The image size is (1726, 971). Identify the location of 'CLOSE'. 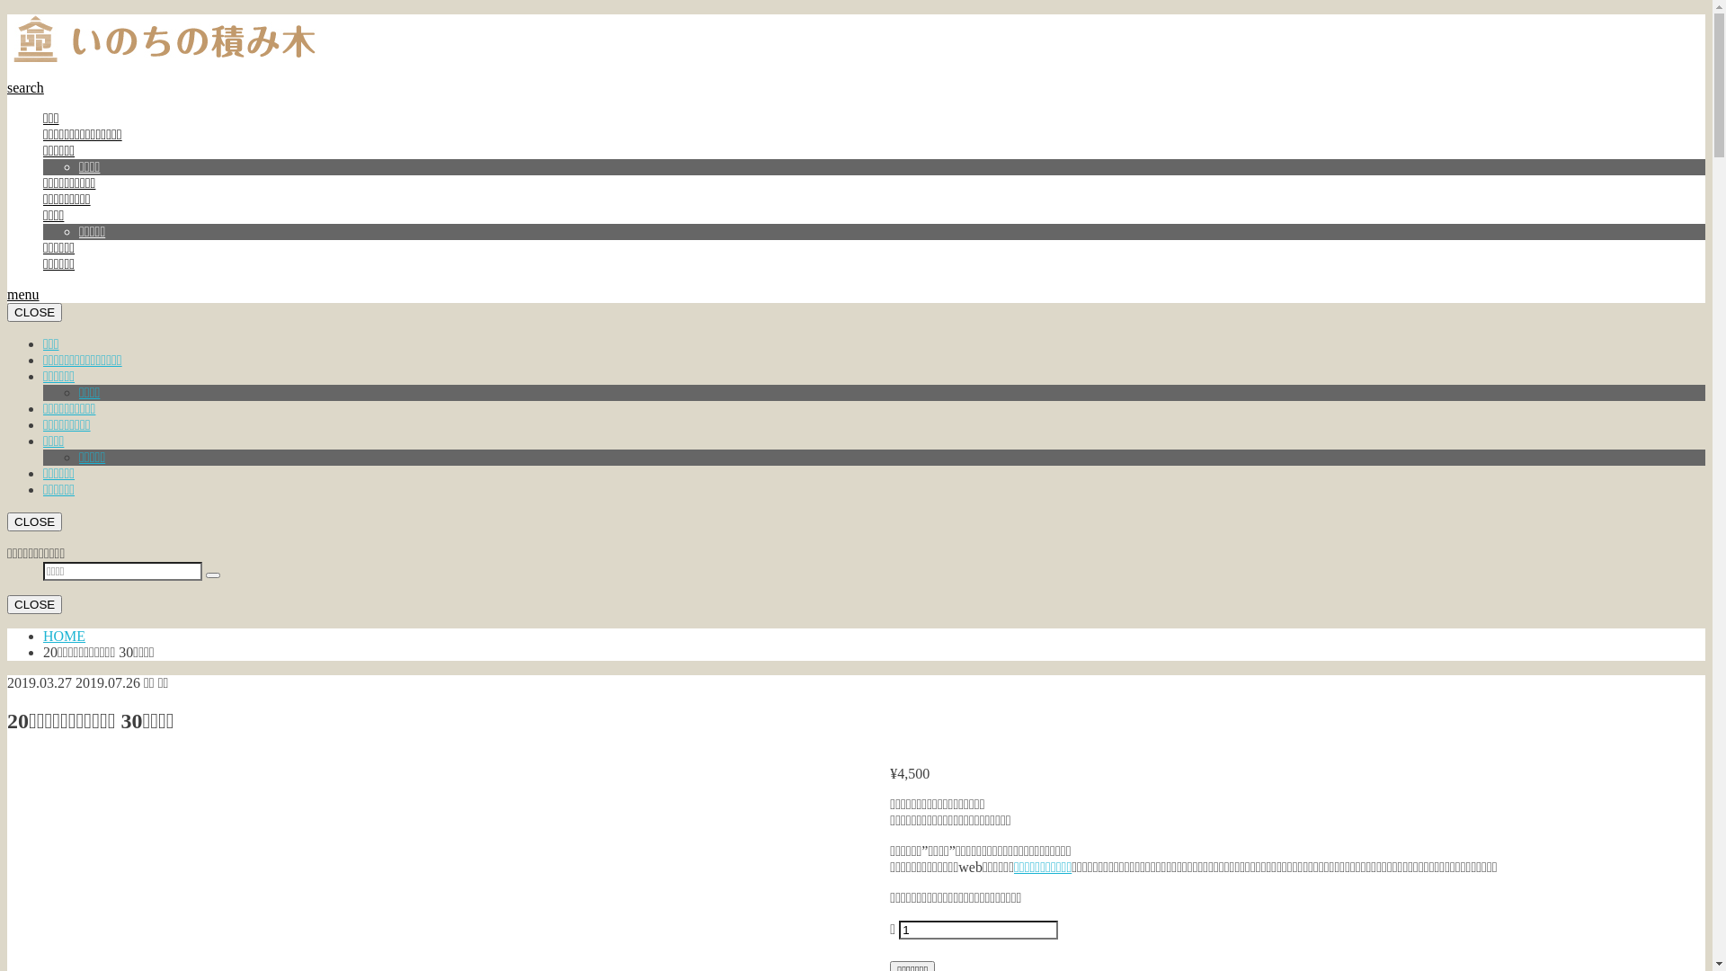
(34, 521).